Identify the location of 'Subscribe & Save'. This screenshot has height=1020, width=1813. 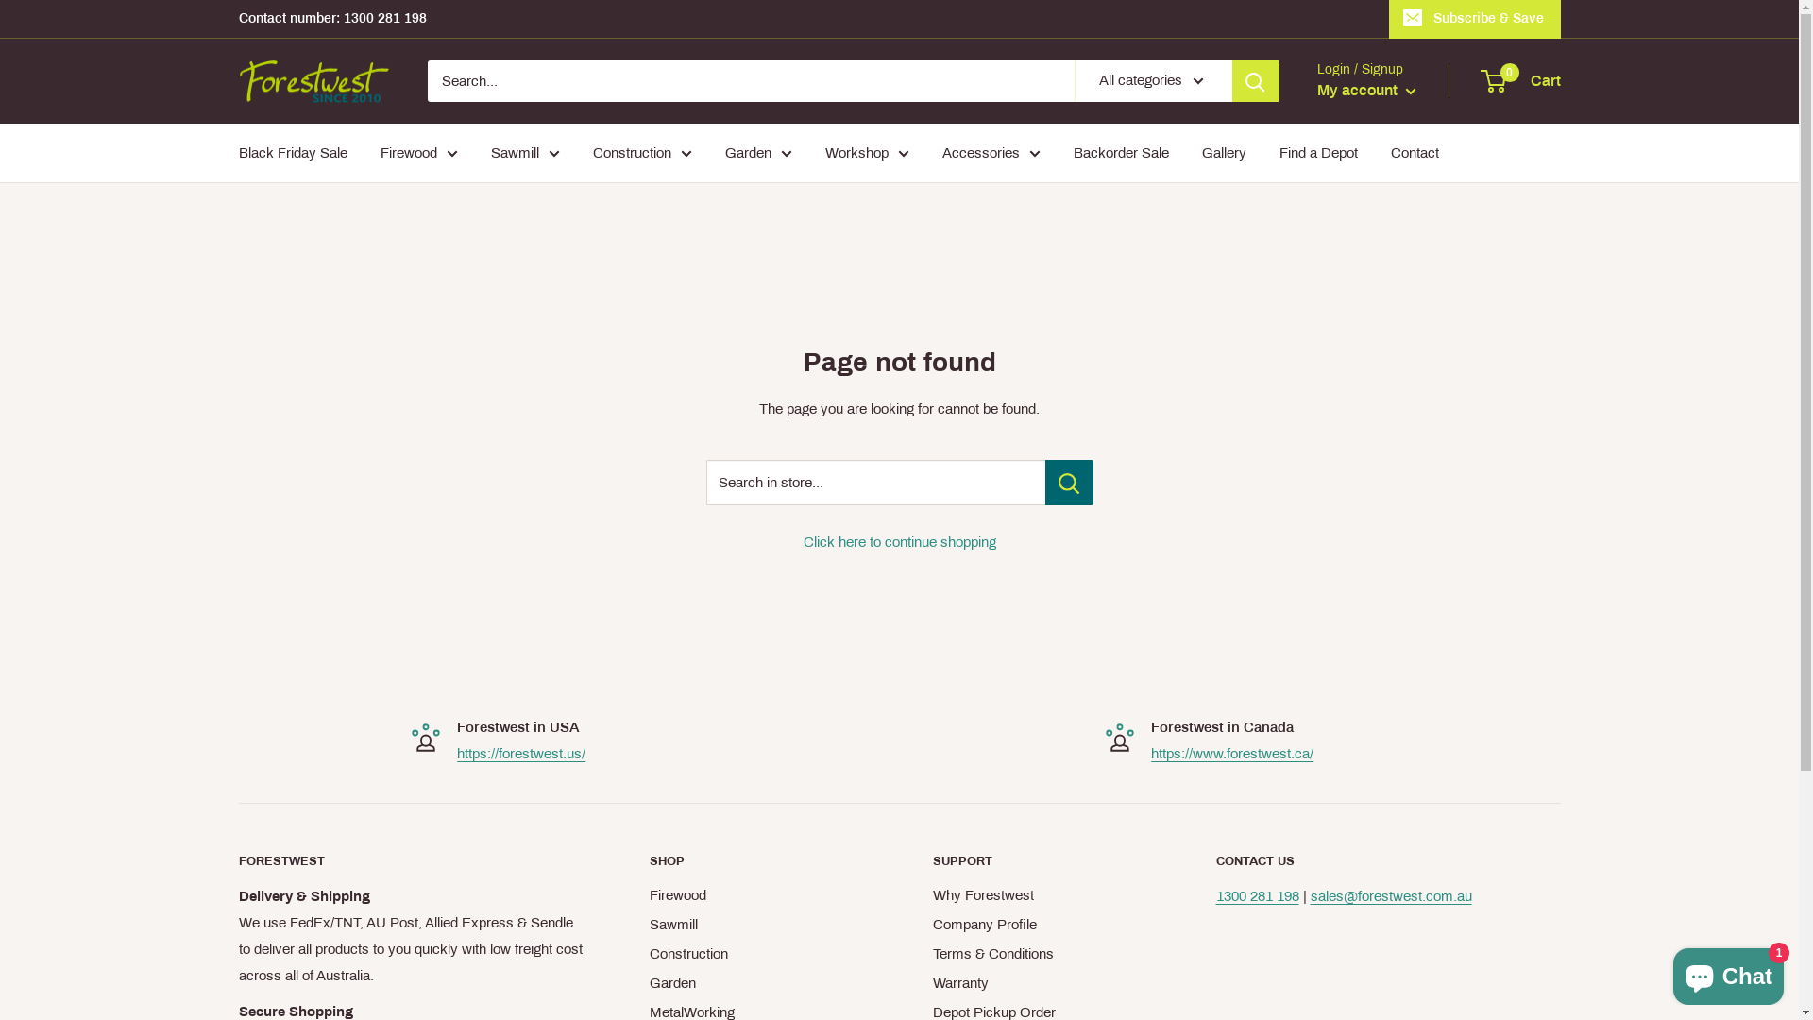
(1387, 18).